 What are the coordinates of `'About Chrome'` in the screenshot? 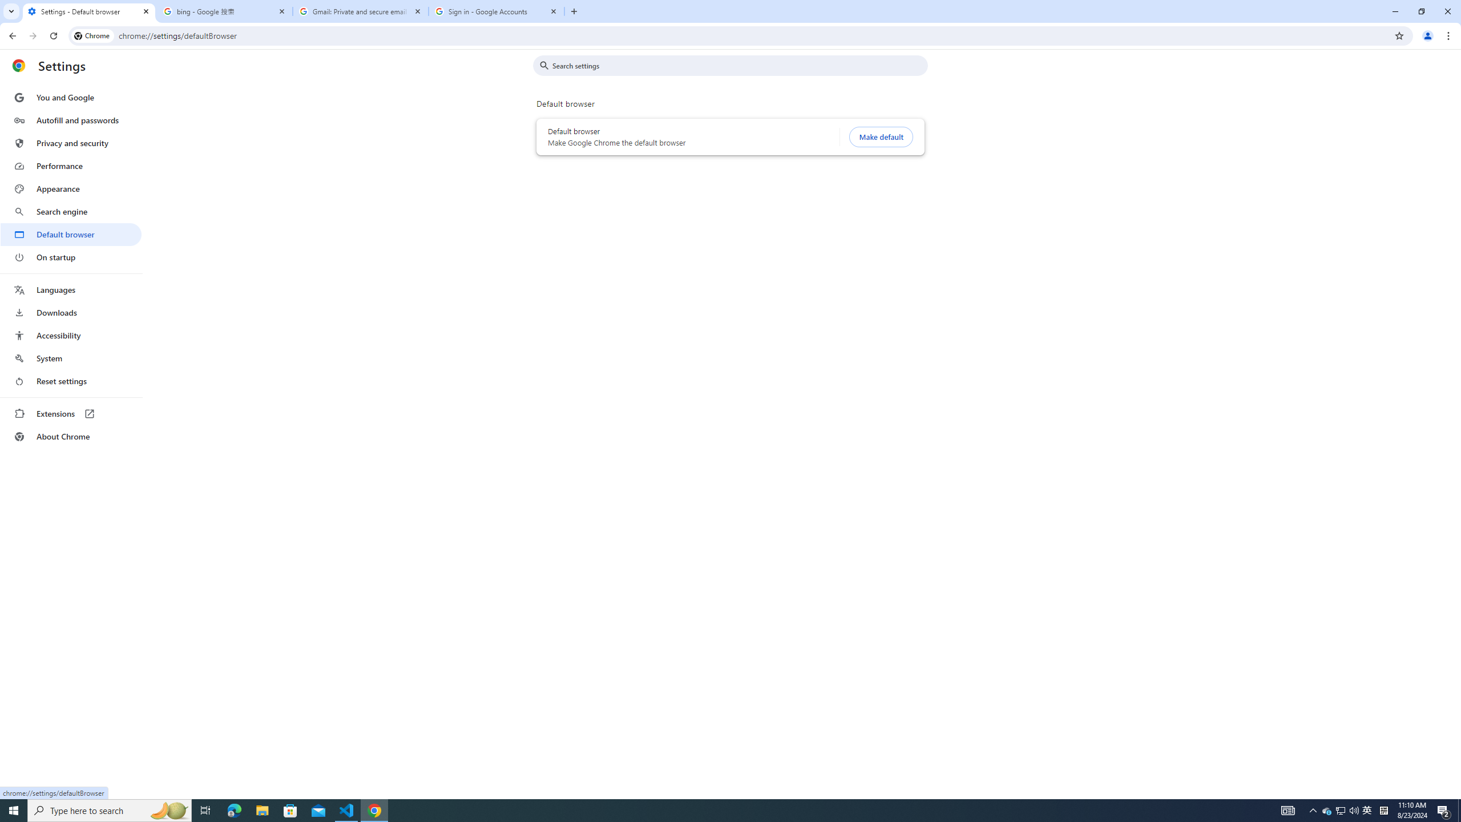 It's located at (70, 436).